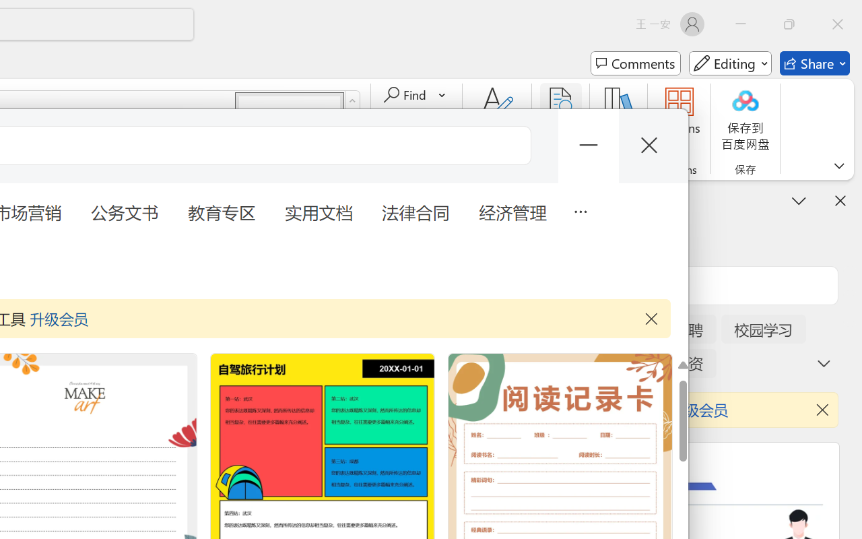 Image resolution: width=862 pixels, height=539 pixels. I want to click on 'Find', so click(406, 95).